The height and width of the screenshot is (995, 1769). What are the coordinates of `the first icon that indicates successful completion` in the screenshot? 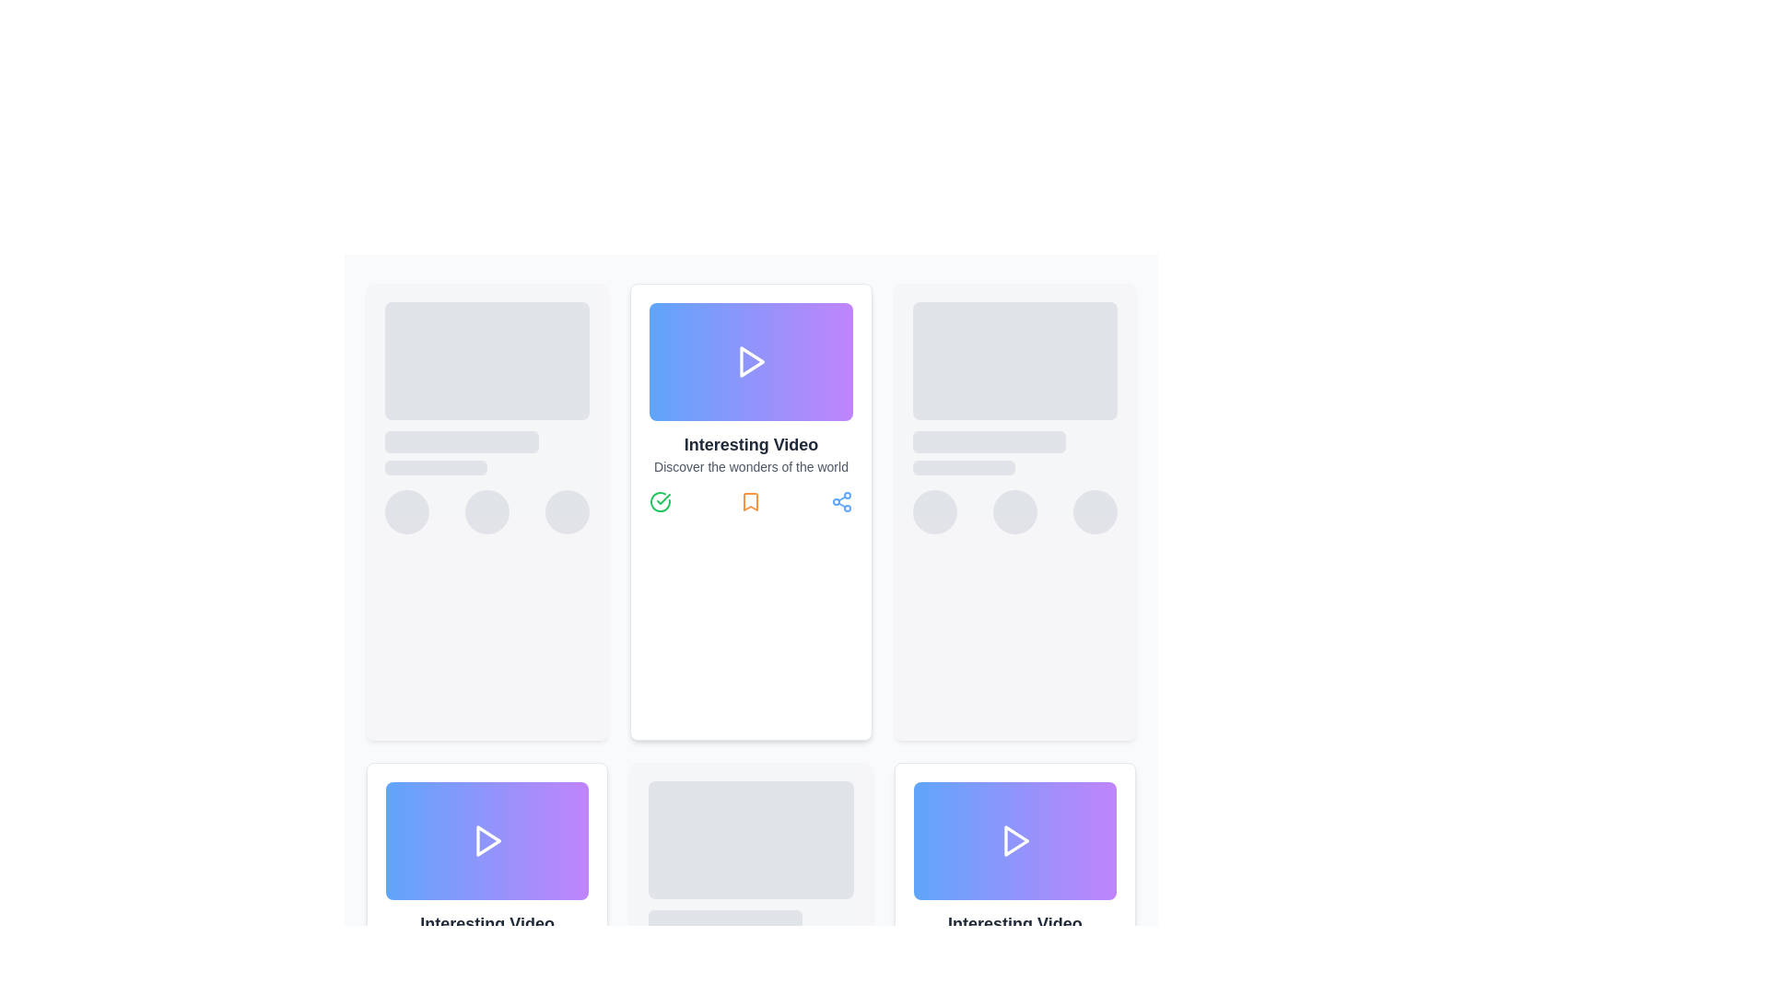 It's located at (924, 979).